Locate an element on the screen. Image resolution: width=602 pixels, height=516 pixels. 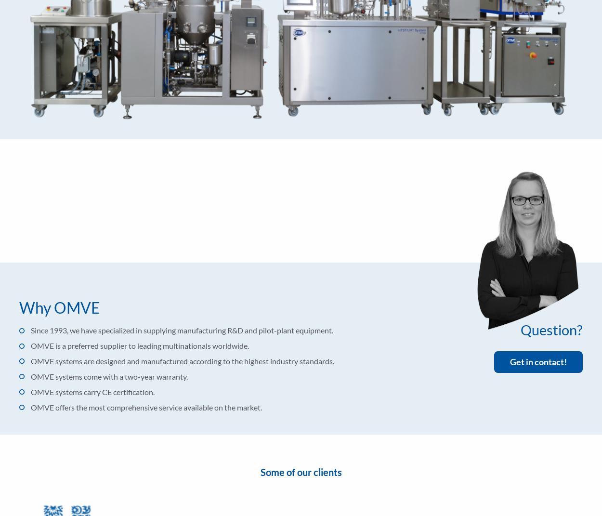
'OMVE systems carry CE certification.' is located at coordinates (92, 391).